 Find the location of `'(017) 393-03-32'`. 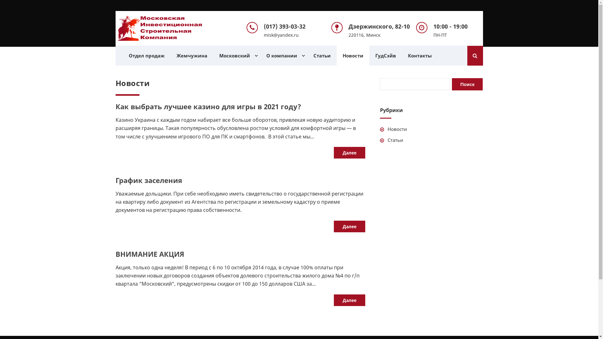

'(017) 393-03-32' is located at coordinates (264, 26).